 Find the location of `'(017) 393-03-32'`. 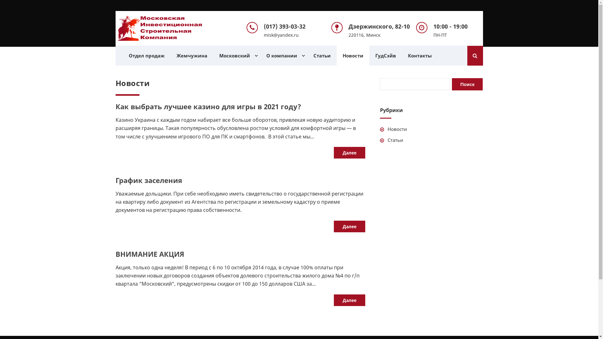

'(017) 393-03-32' is located at coordinates (264, 26).